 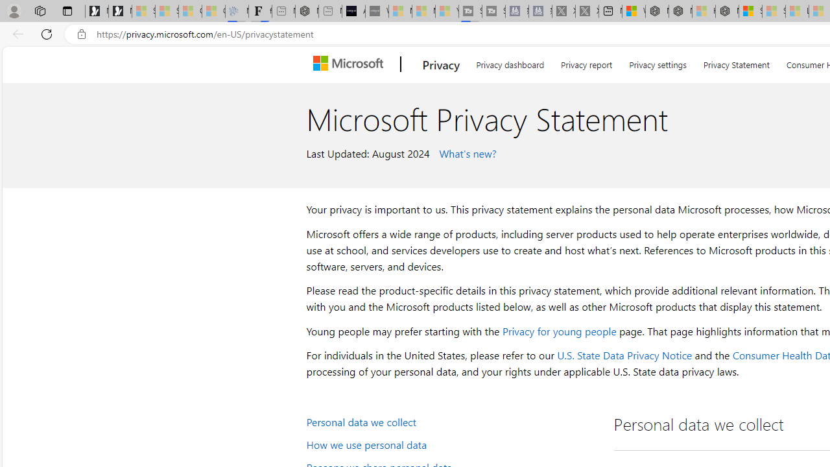 I want to click on 'U.S. State Data Privacy Notice', so click(x=624, y=355).